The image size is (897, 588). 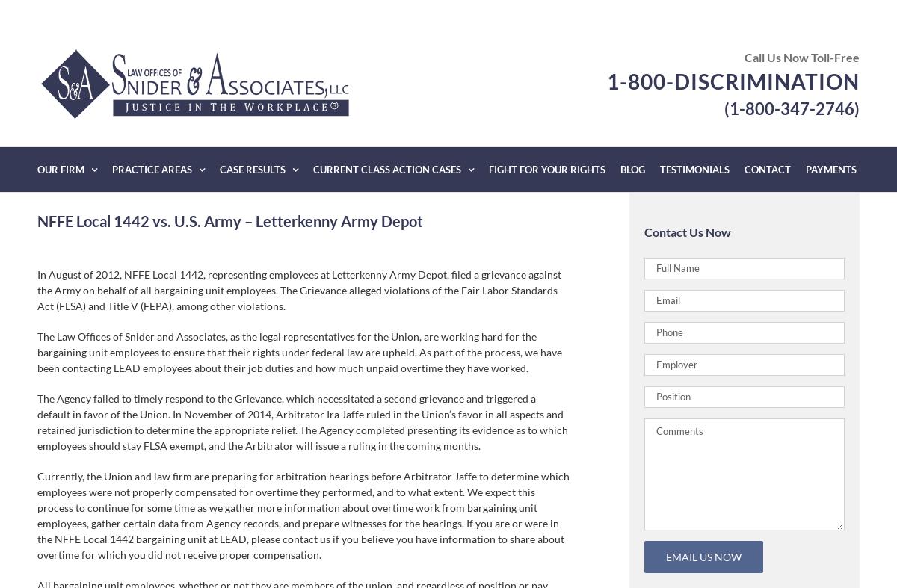 What do you see at coordinates (253, 169) in the screenshot?
I see `'Case Results'` at bounding box center [253, 169].